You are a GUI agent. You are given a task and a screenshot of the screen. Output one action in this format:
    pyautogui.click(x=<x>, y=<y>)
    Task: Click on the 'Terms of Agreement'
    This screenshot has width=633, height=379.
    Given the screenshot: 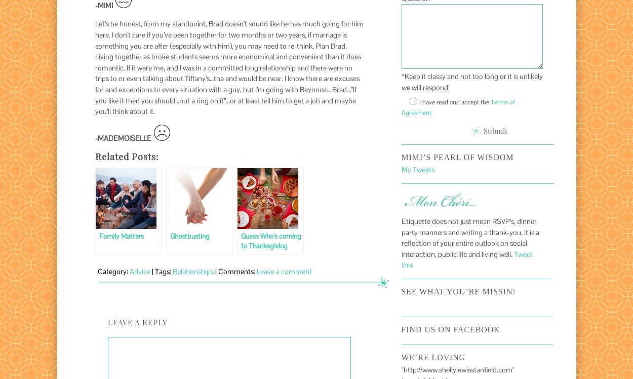 What is the action you would take?
    pyautogui.click(x=458, y=107)
    